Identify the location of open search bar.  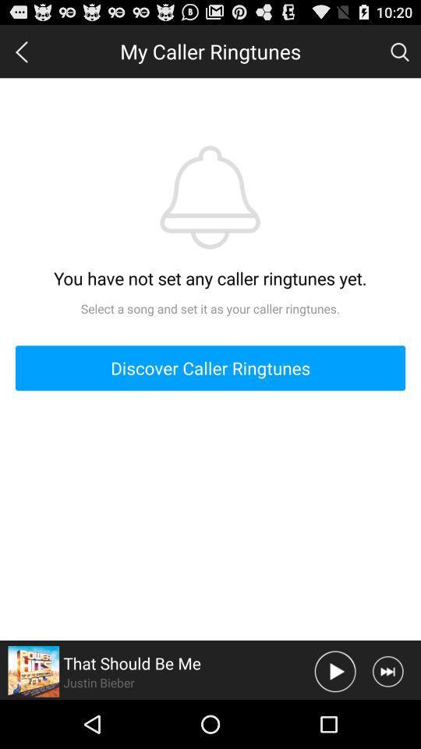
(399, 51).